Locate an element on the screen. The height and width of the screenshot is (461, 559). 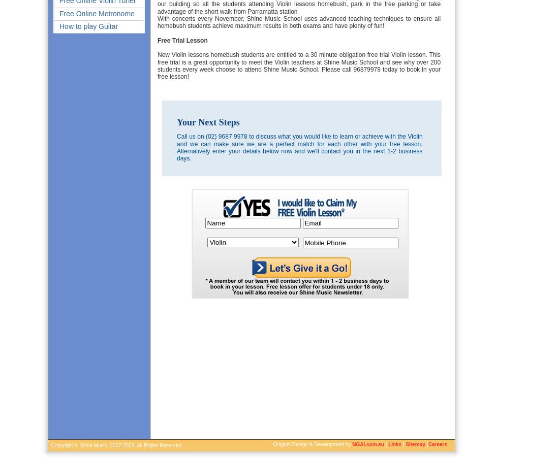
'Sitemap' is located at coordinates (406, 444).